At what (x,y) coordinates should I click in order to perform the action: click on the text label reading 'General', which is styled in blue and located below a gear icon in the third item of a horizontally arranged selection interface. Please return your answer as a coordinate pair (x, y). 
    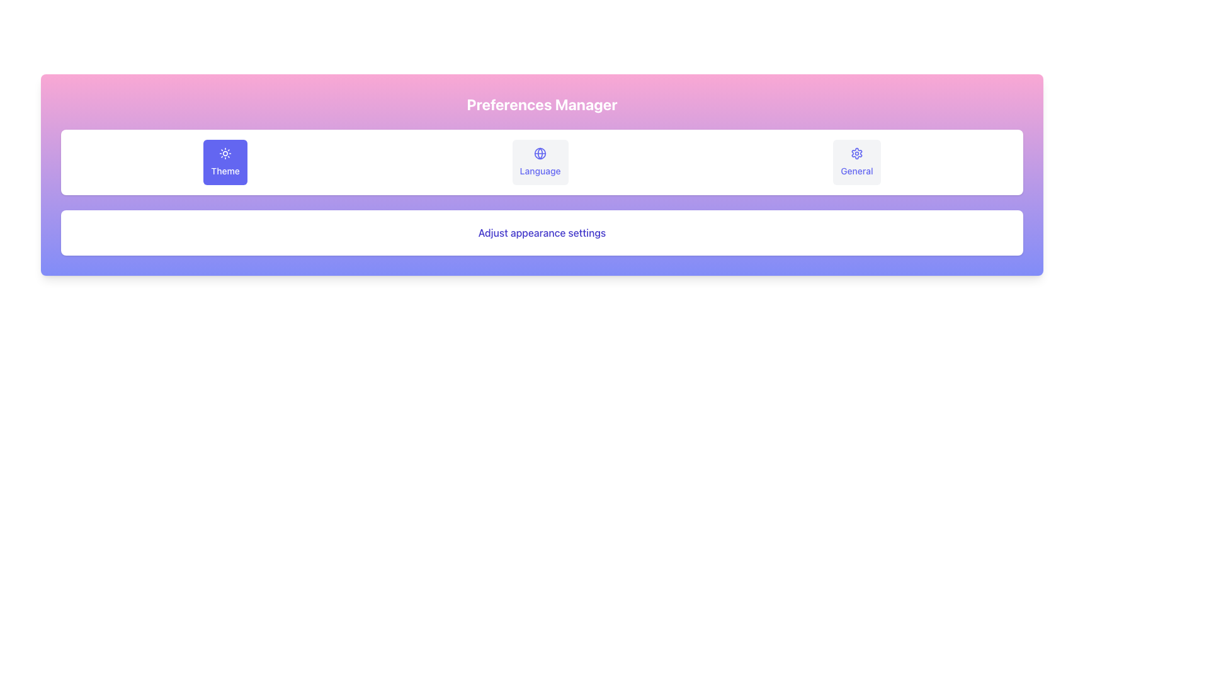
    Looking at the image, I should click on (856, 171).